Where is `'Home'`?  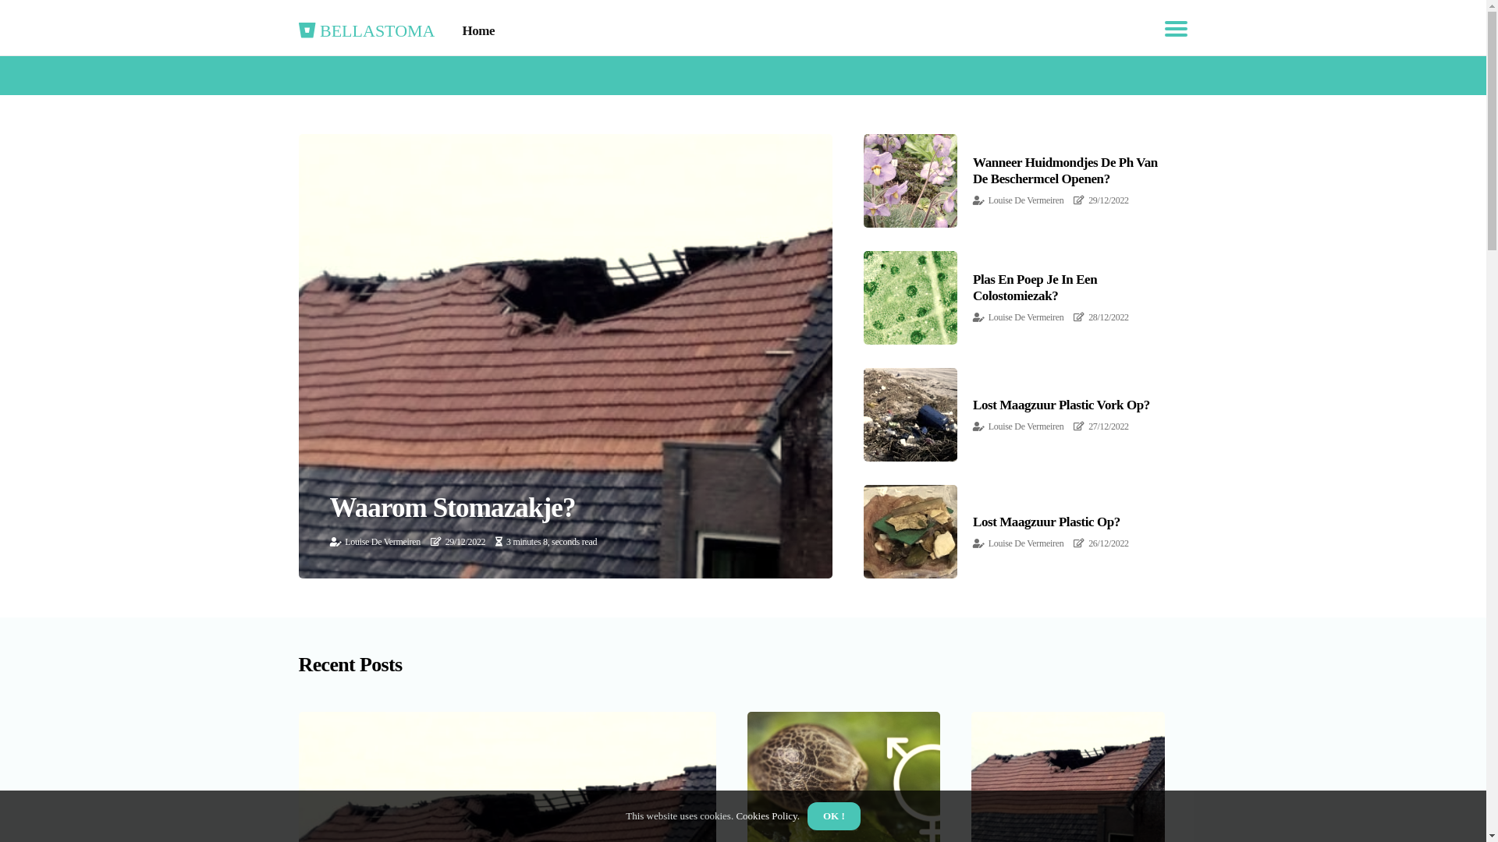 'Home' is located at coordinates (477, 30).